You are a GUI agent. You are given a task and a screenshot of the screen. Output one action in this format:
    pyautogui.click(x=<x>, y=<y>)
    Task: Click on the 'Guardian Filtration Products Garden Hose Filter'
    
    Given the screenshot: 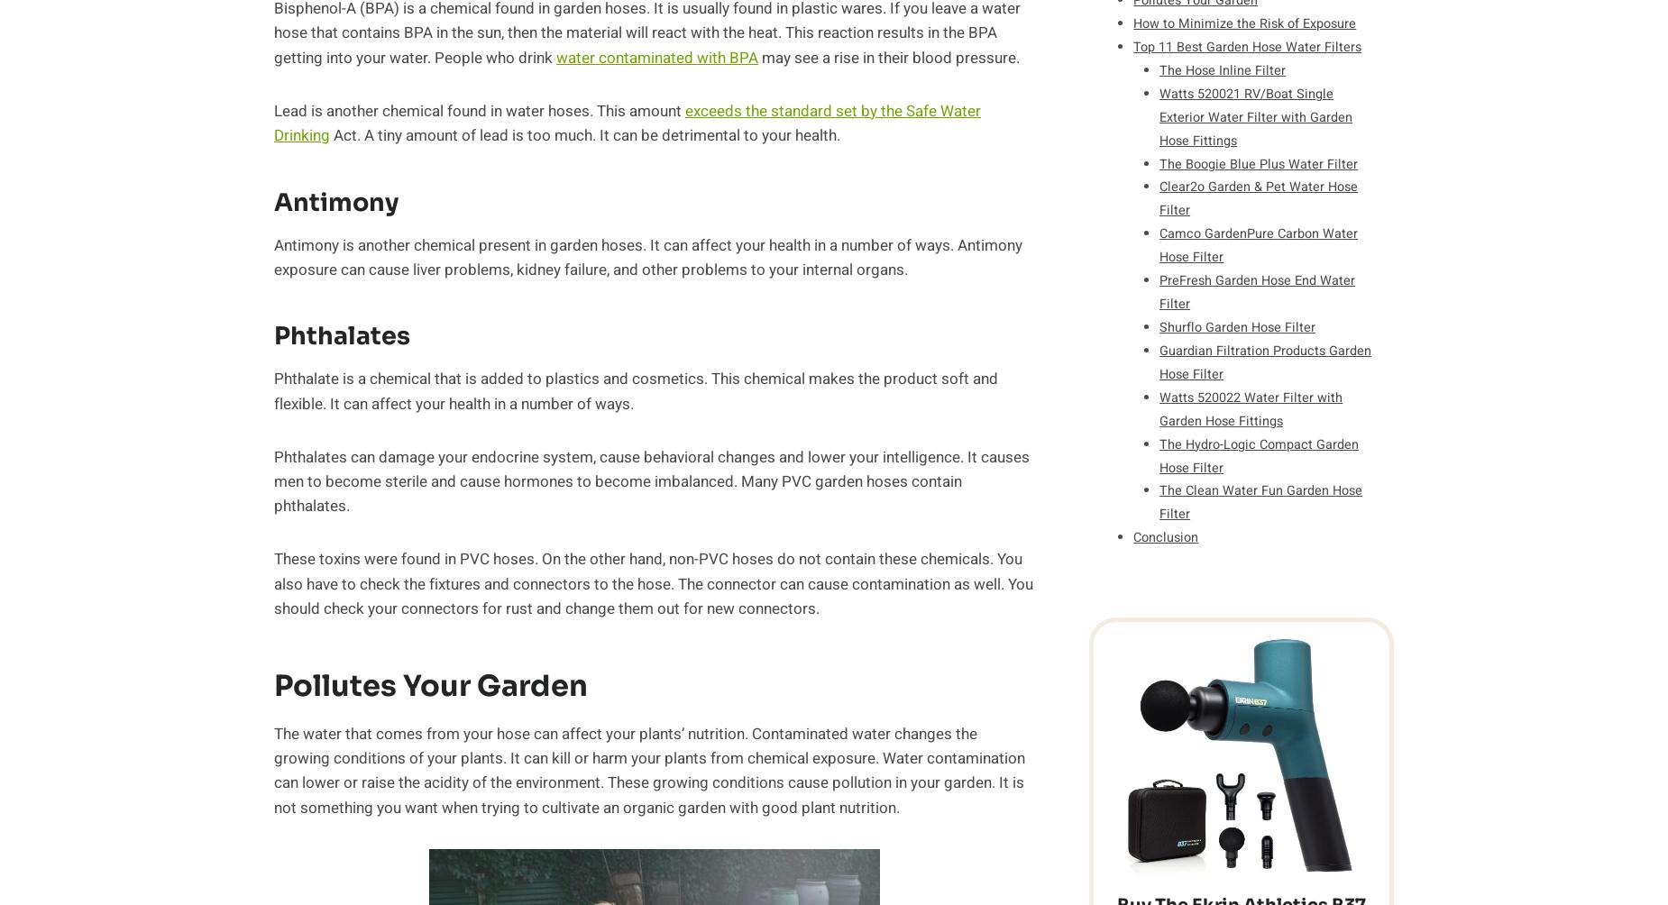 What is the action you would take?
    pyautogui.click(x=1265, y=361)
    